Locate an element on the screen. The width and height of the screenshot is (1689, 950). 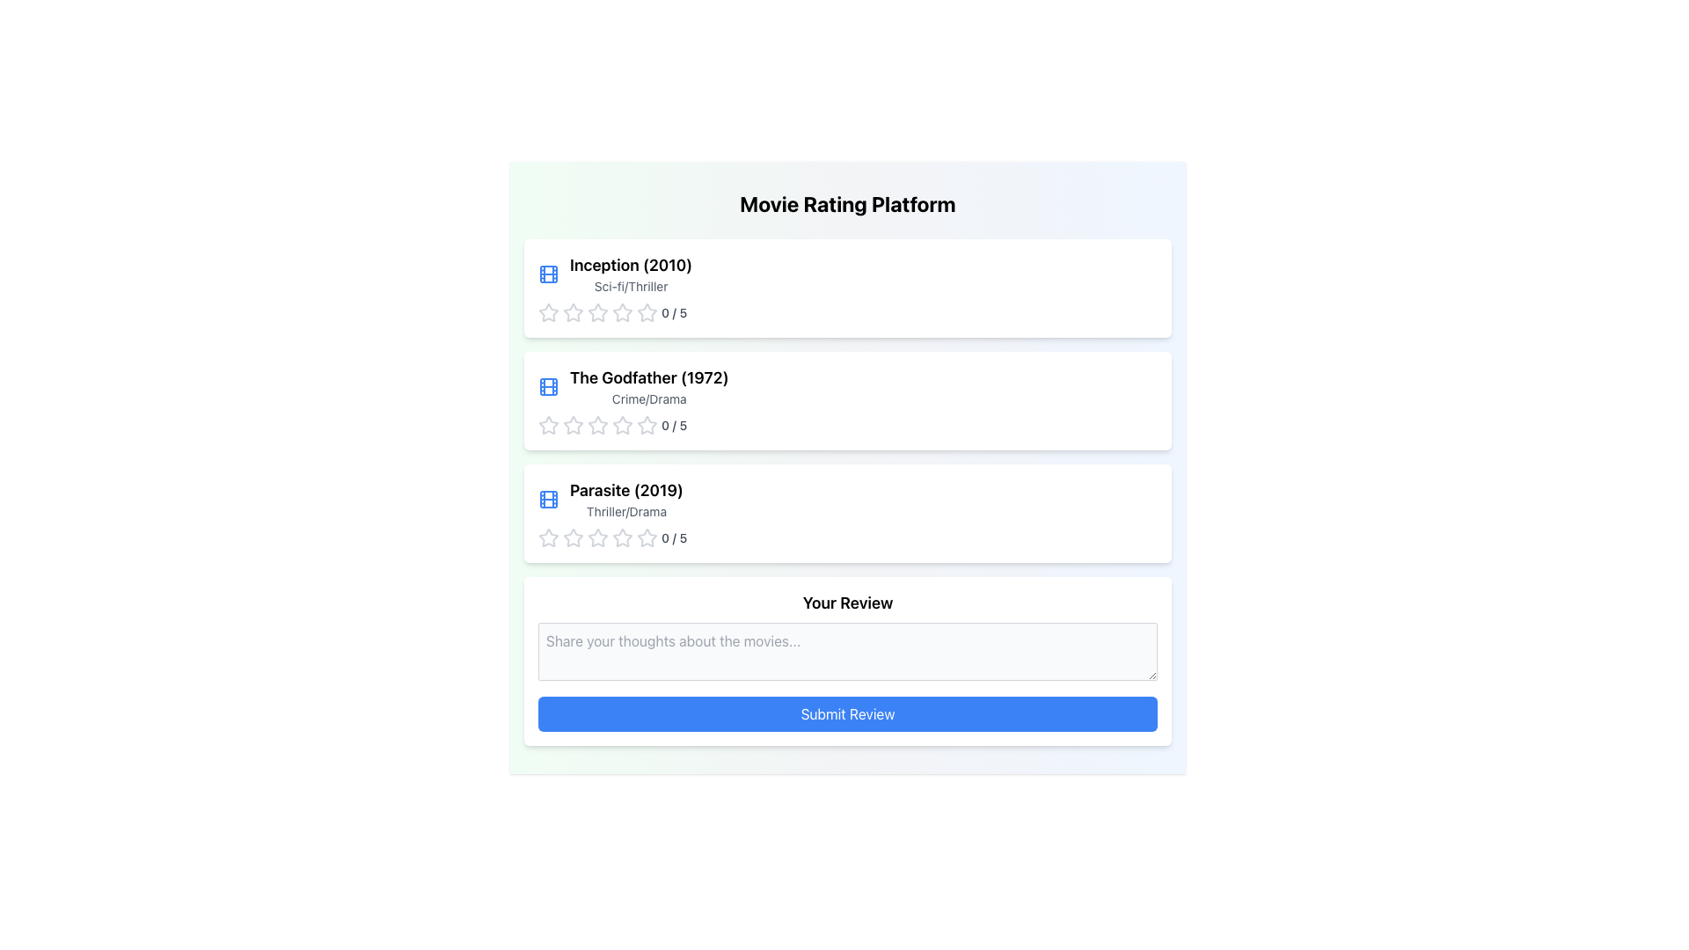
the first star in the 5-star rating system for 'Inception (2010)' is located at coordinates (548, 311).